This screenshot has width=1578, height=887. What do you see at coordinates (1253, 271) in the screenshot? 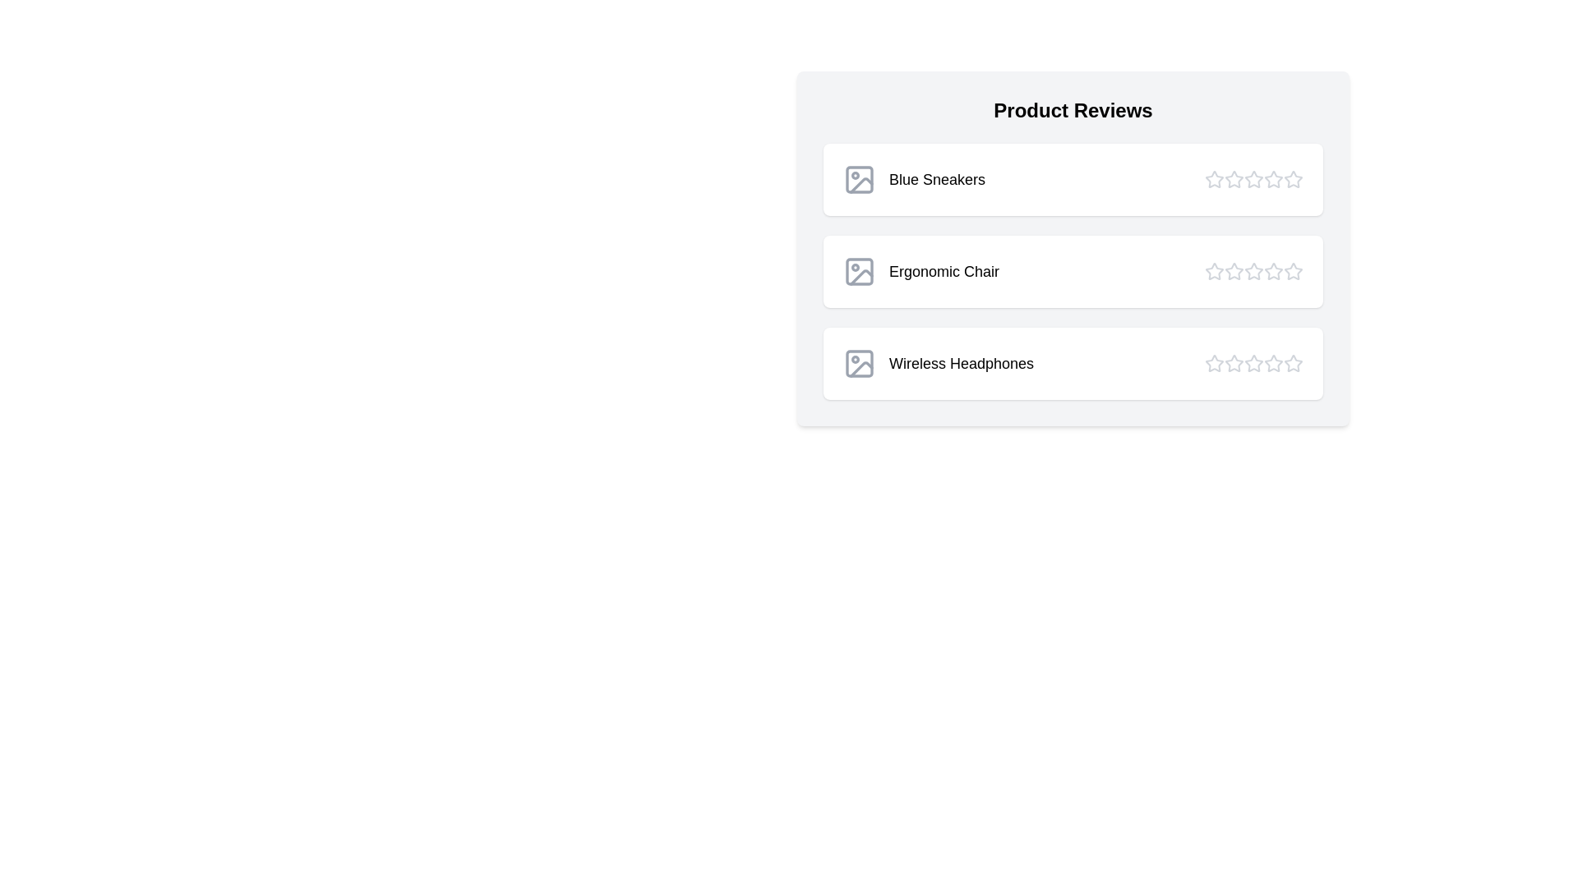
I see `the star corresponding to 3 stars for the product Ergonomic Chair` at bounding box center [1253, 271].